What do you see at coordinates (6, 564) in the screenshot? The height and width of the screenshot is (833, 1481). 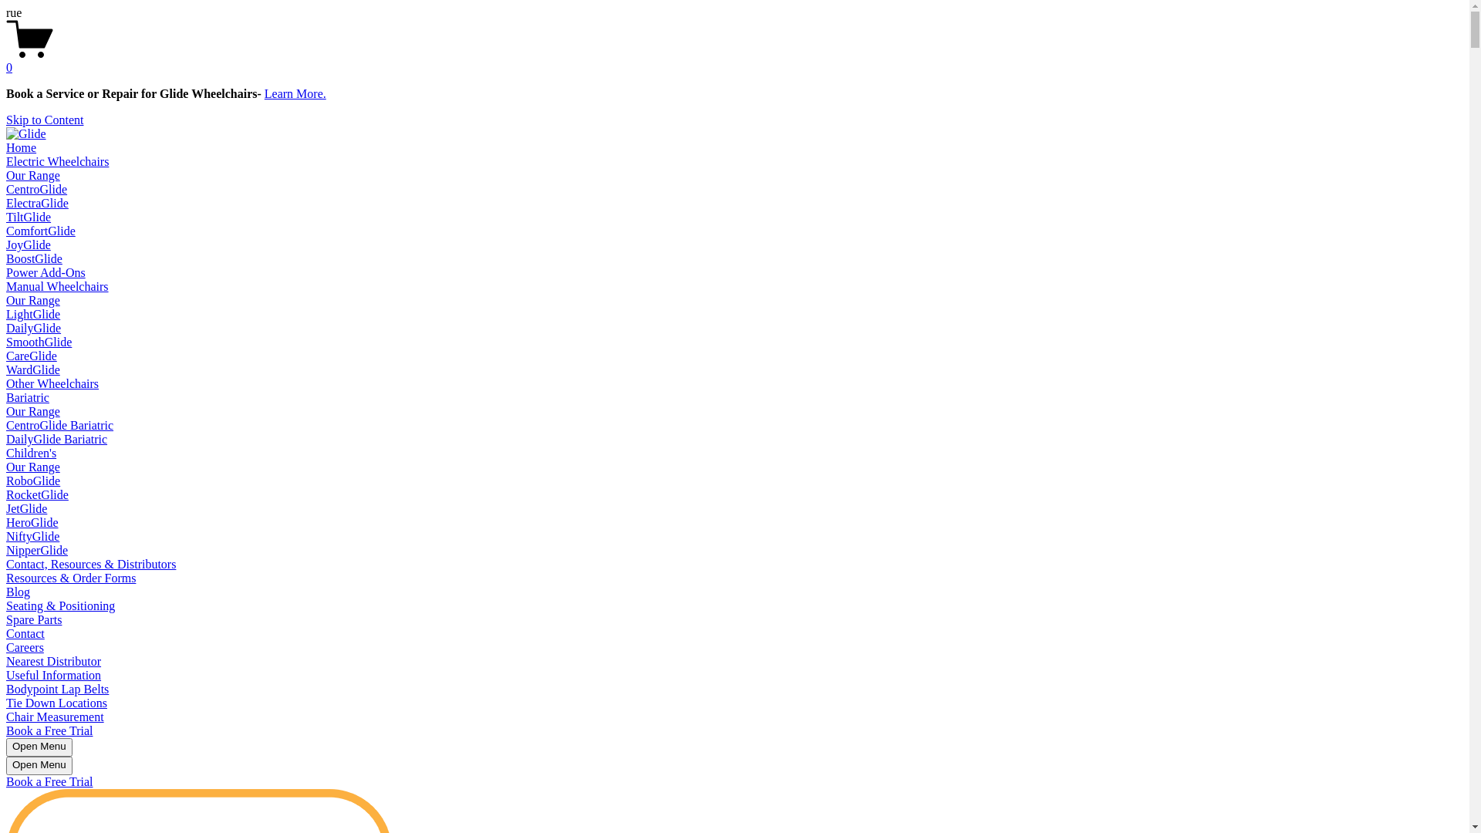 I see `'Contact, Resources & Distributors'` at bounding box center [6, 564].